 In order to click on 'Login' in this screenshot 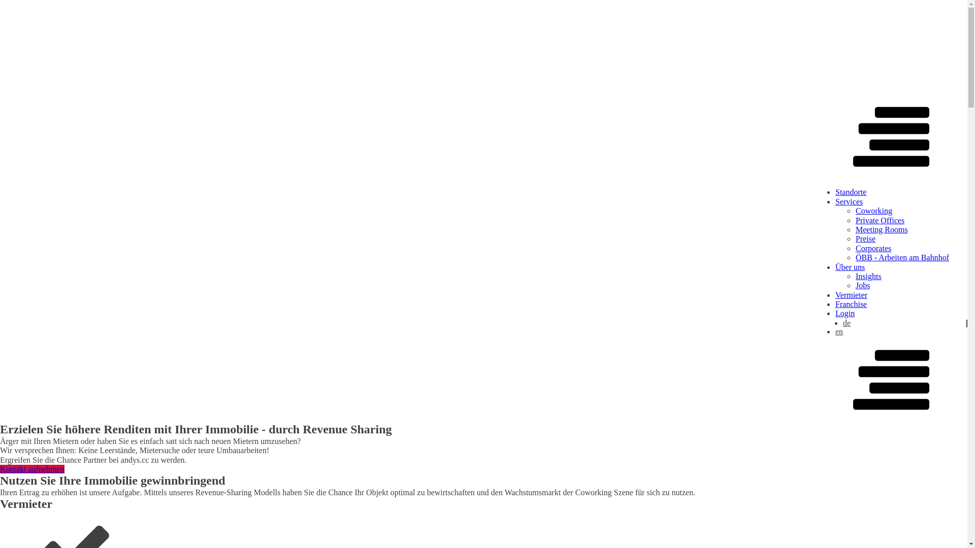, I will do `click(835, 313)`.